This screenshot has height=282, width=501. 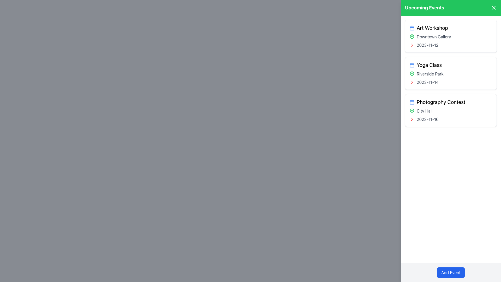 I want to click on the green location pin icon that is located immediately to the left of the 'City Hall' label in the 'Photography Contest' section of the upcoming events list, so click(x=412, y=110).